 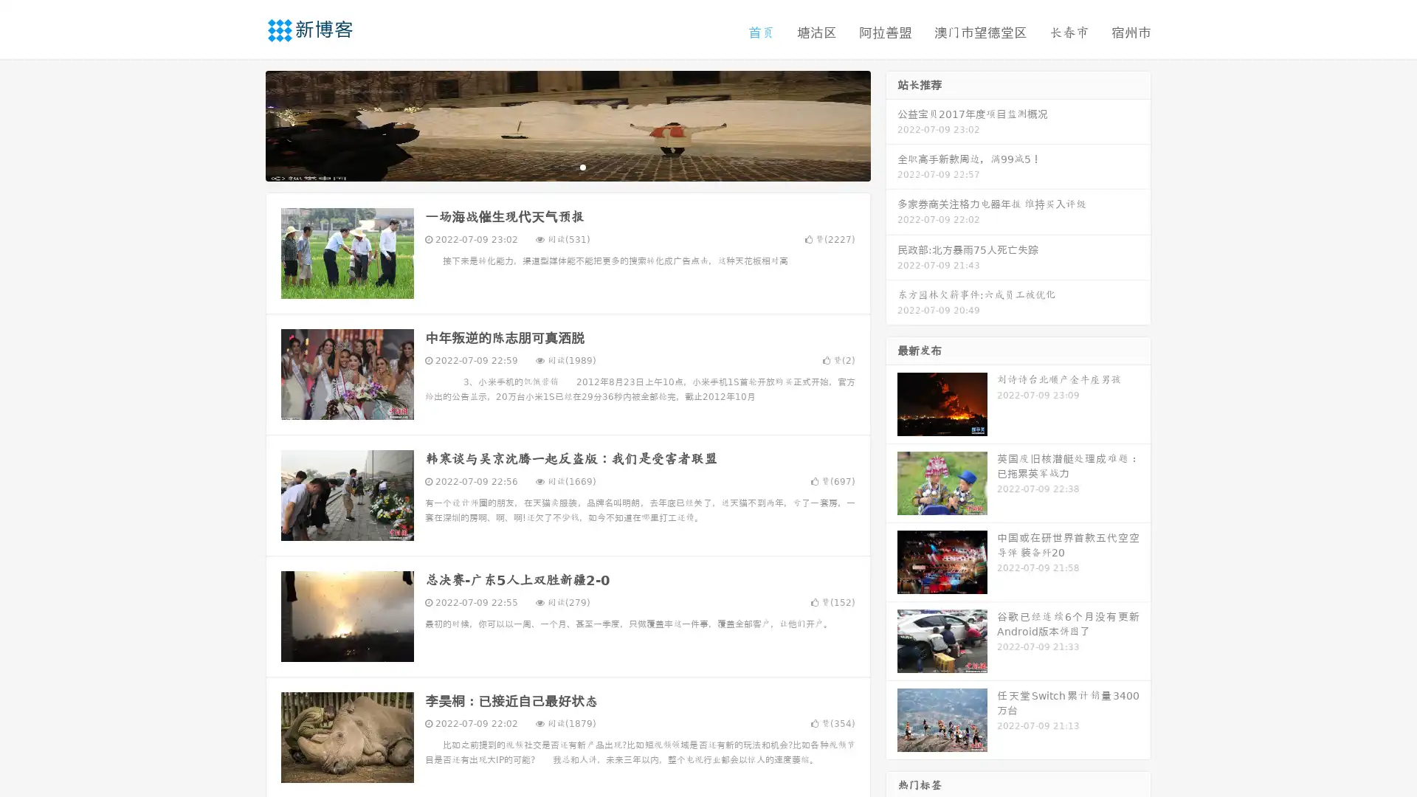 I want to click on Previous slide, so click(x=244, y=124).